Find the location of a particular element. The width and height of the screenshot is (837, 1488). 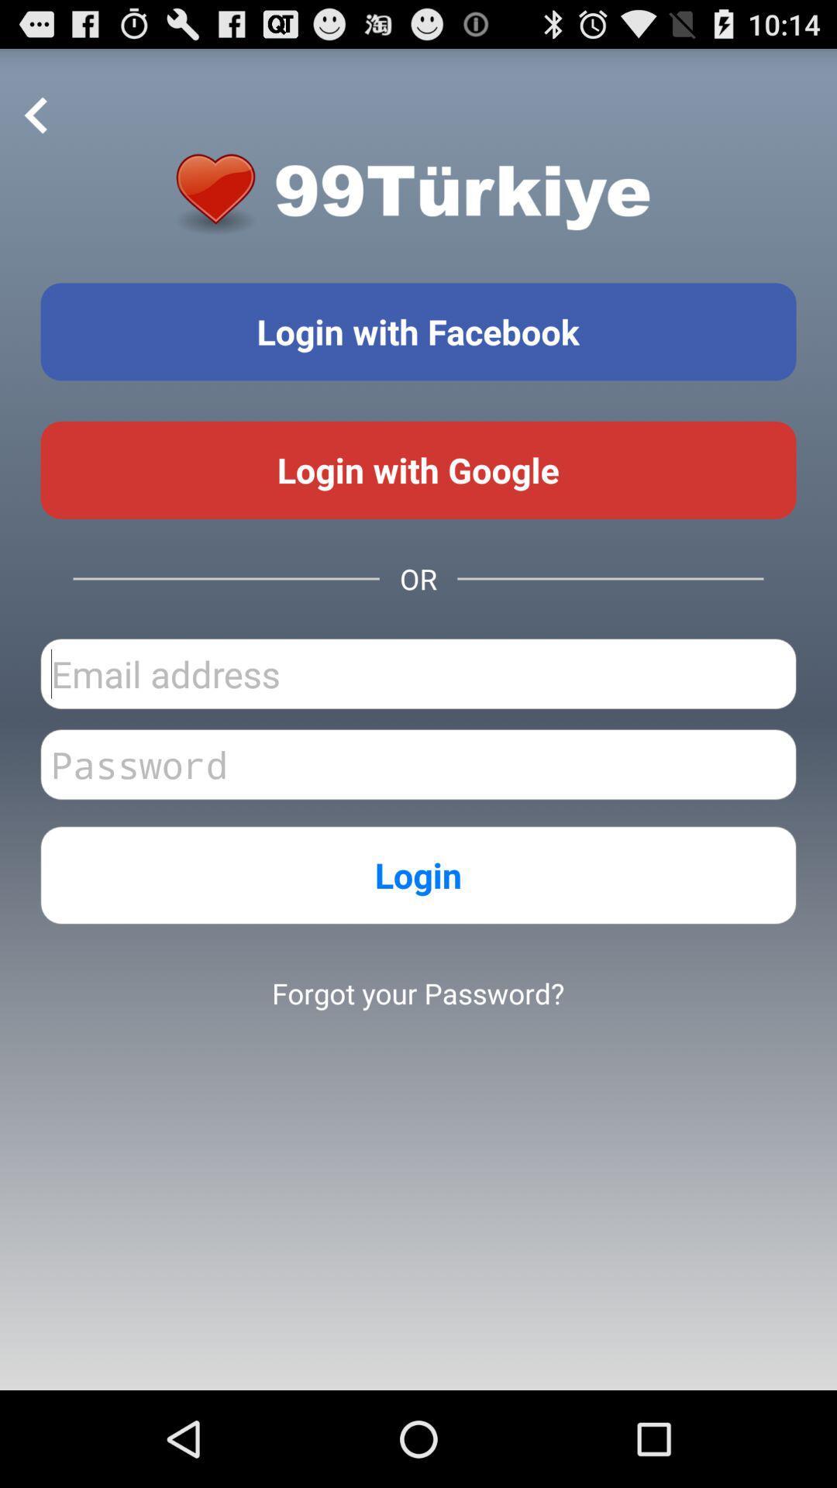

forgot your password? item is located at coordinates (417, 993).